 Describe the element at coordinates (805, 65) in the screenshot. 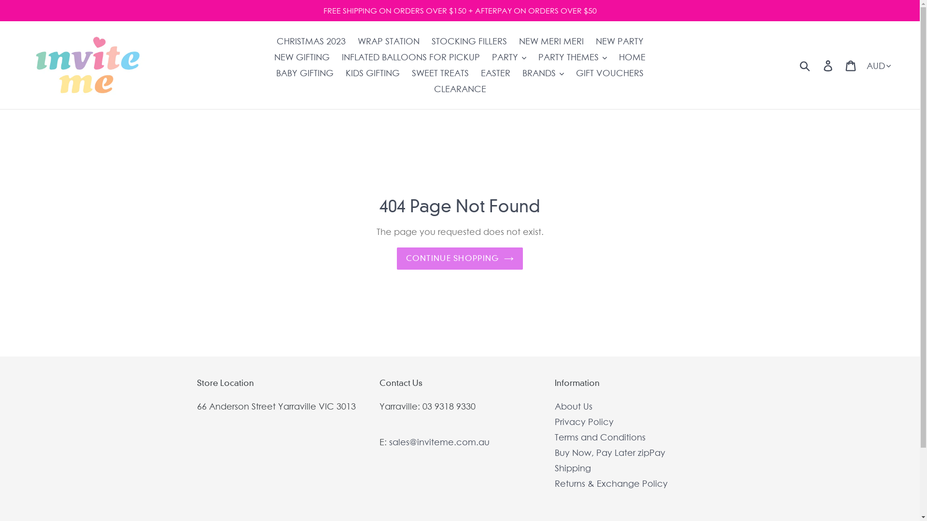

I see `'Submit'` at that location.